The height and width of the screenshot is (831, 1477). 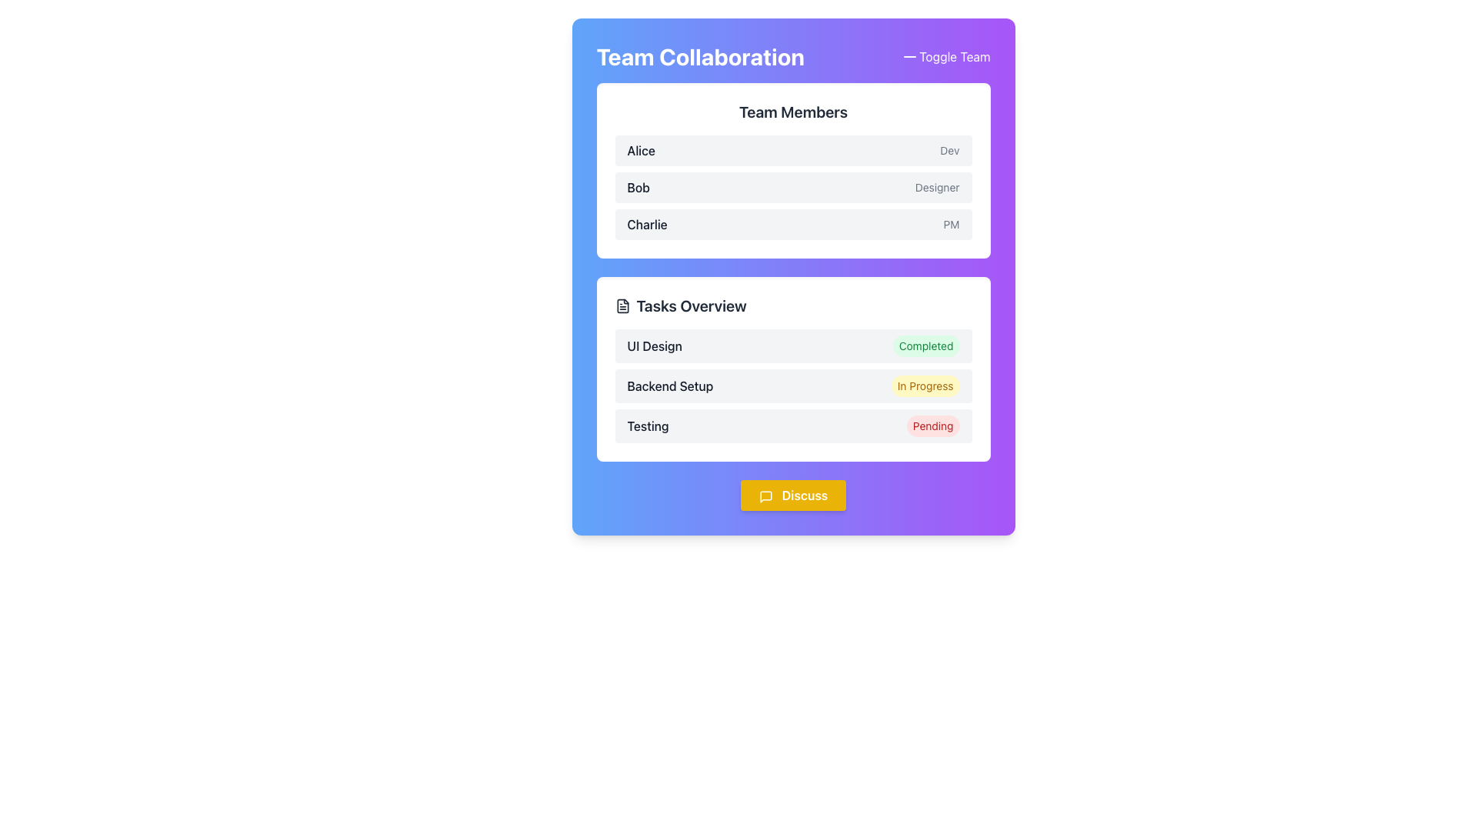 I want to click on the third list item in the 'Team Members' section, which displays the name 'Charlie' on the left and 'PM' on the right, so click(x=793, y=225).